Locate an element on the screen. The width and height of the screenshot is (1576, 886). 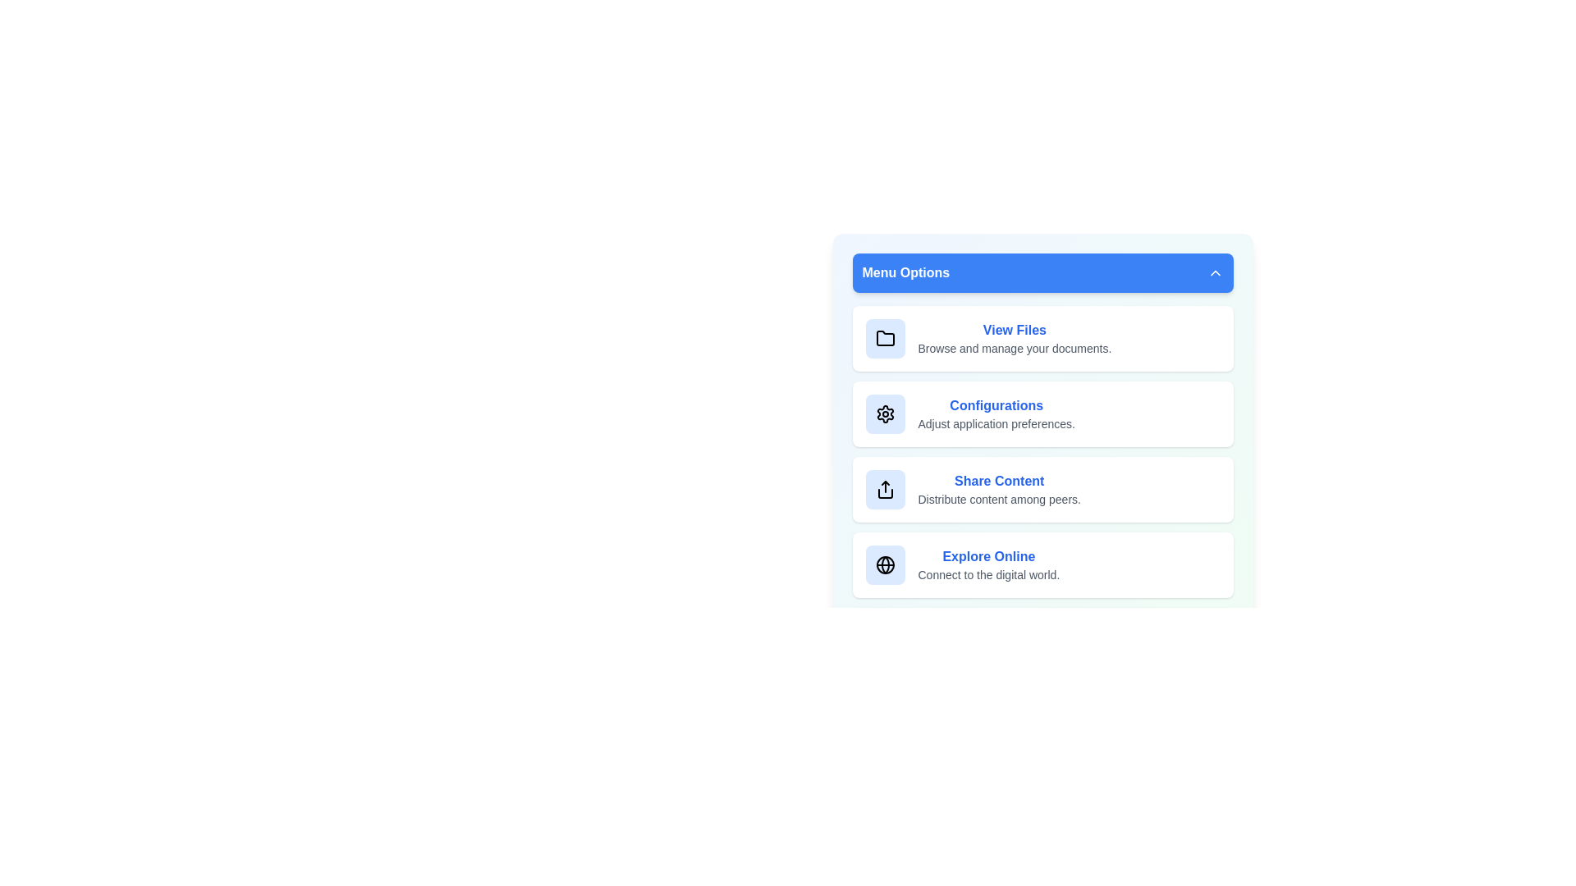
the icon of the menu item corresponding to Explore Online is located at coordinates (884, 564).